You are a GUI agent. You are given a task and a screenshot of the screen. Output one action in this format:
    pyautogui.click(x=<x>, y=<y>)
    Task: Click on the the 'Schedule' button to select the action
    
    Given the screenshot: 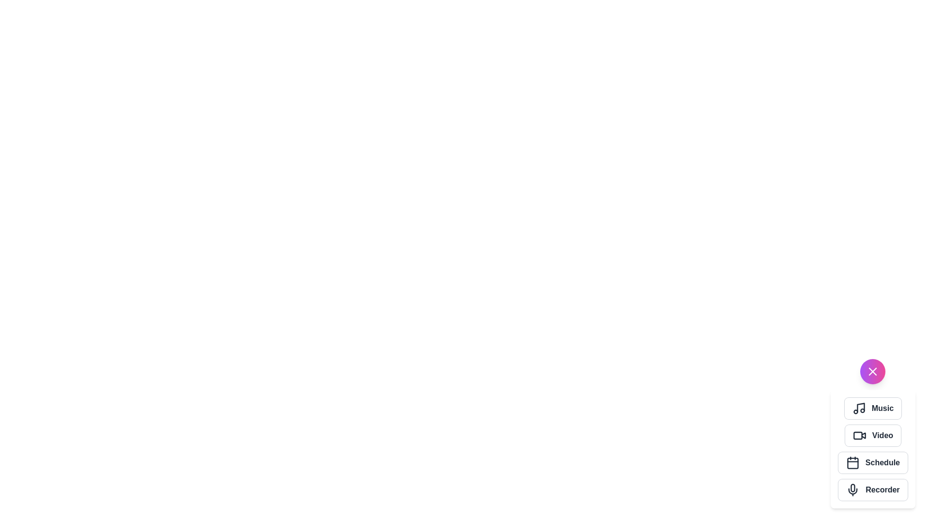 What is the action you would take?
    pyautogui.click(x=873, y=462)
    